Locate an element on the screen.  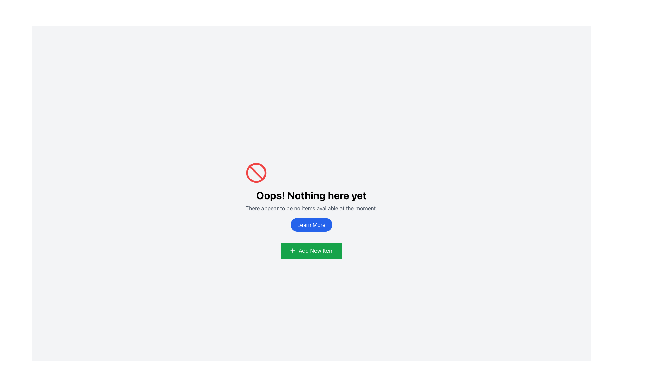
the text element displaying the message 'There appear to be no items available at the moment.' which is located below the title 'Oops! Nothing here yet' and above the button 'Learn More' is located at coordinates (311, 208).